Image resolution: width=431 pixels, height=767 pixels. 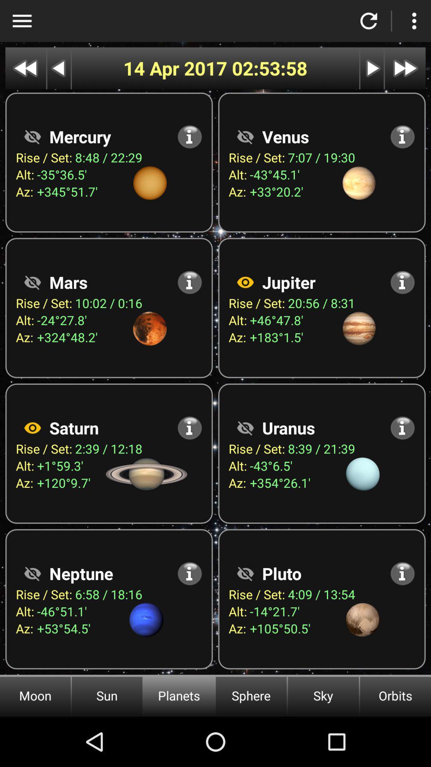 What do you see at coordinates (402, 137) in the screenshot?
I see `the info icon` at bounding box center [402, 137].